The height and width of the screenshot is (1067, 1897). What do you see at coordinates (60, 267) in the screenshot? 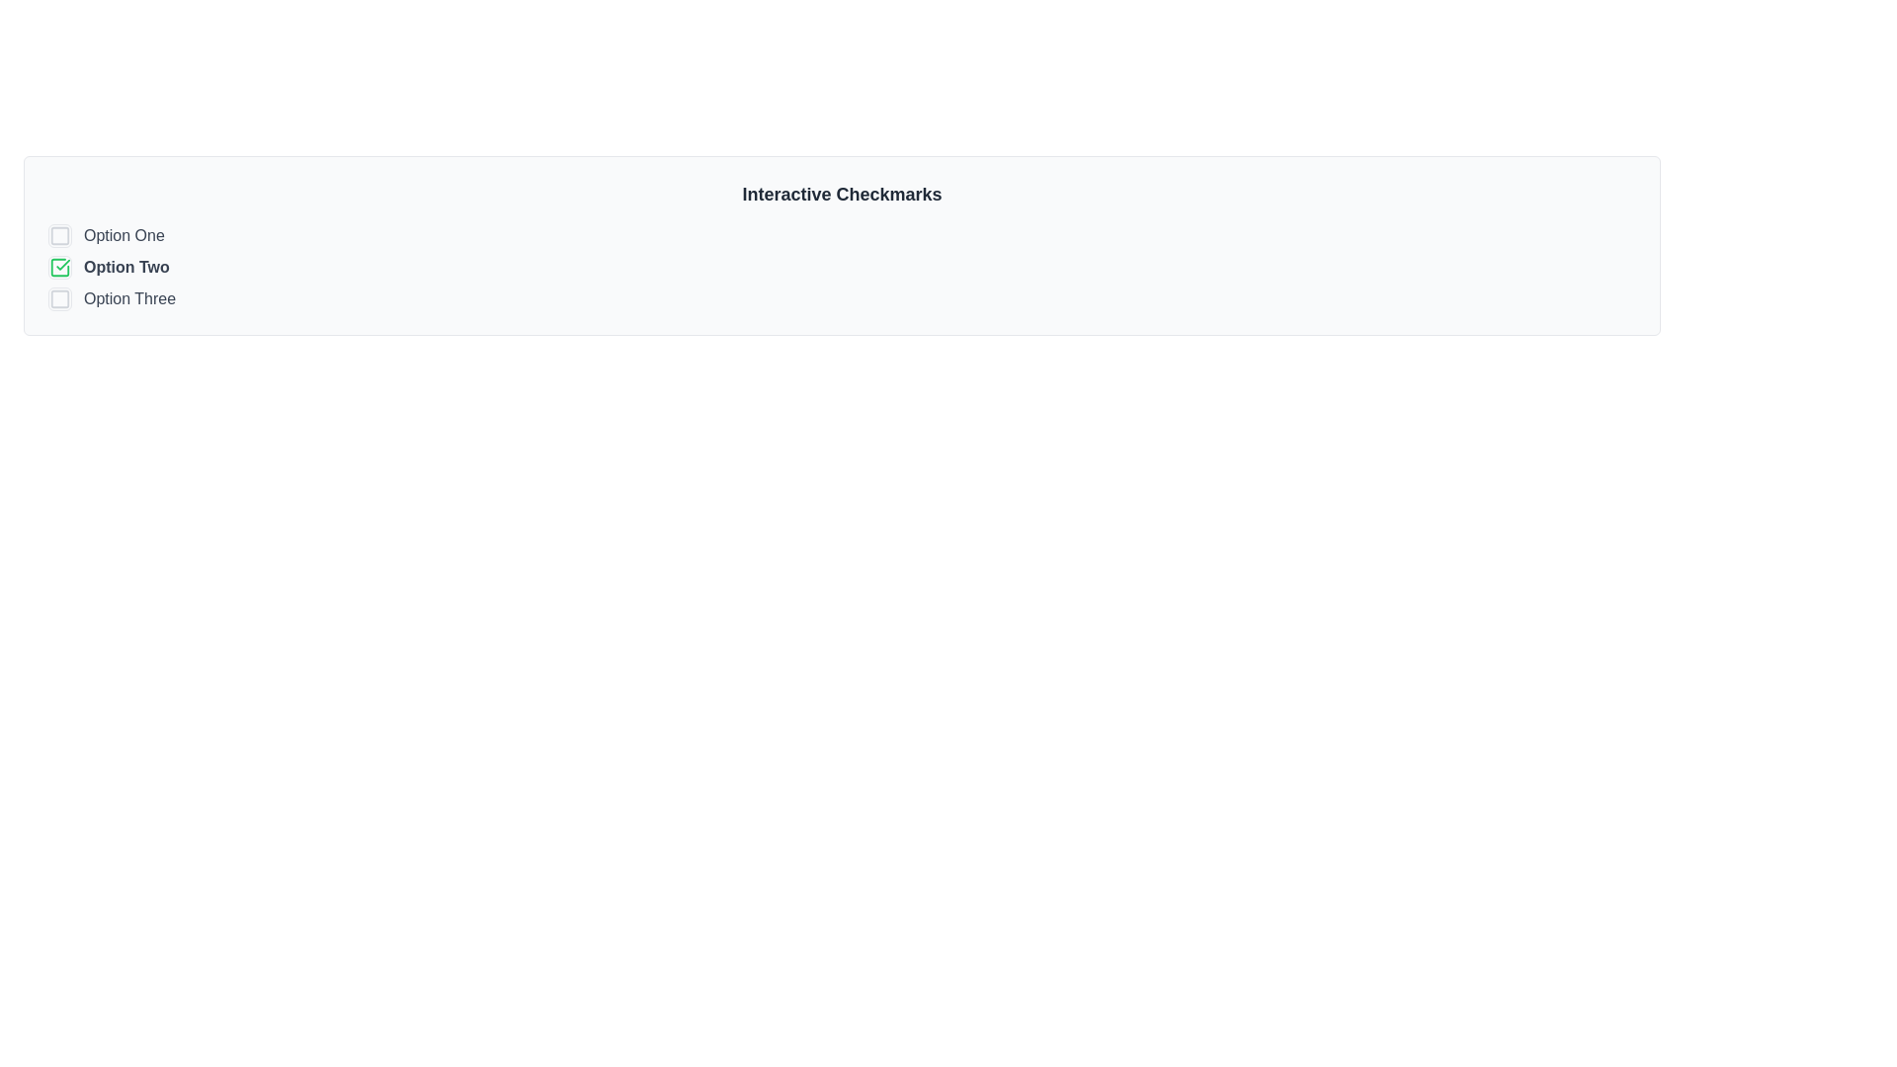
I see `the green checkmark icon that indicates the selected state for 'Option Two'` at bounding box center [60, 267].